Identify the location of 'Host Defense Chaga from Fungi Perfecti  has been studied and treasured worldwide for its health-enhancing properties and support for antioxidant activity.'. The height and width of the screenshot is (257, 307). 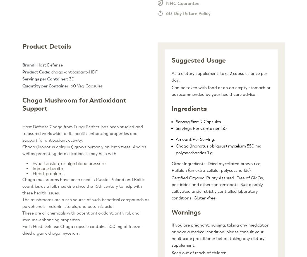
(82, 134).